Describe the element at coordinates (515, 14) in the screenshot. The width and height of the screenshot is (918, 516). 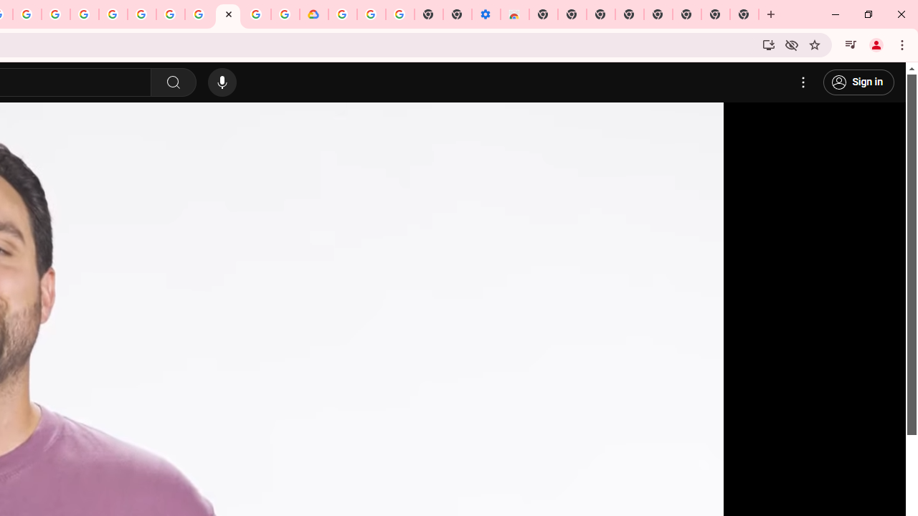
I see `'Chrome Web Store - Accessibility extensions'` at that location.